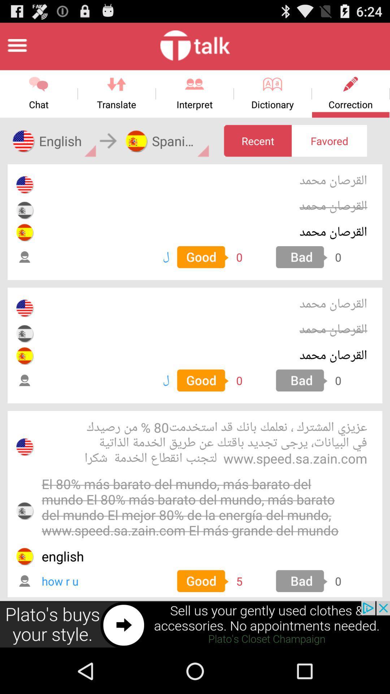 The image size is (390, 694). Describe the element at coordinates (17, 48) in the screenshot. I see `the menu icon` at that location.